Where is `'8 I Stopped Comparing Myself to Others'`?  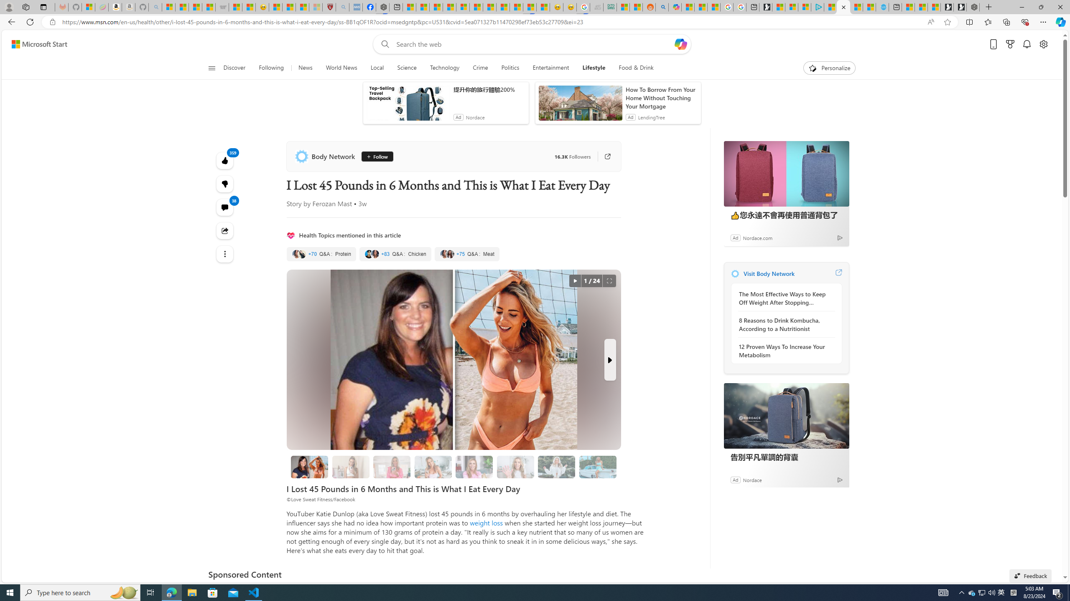 '8 I Stopped Comparing Myself to Others' is located at coordinates (597, 467).